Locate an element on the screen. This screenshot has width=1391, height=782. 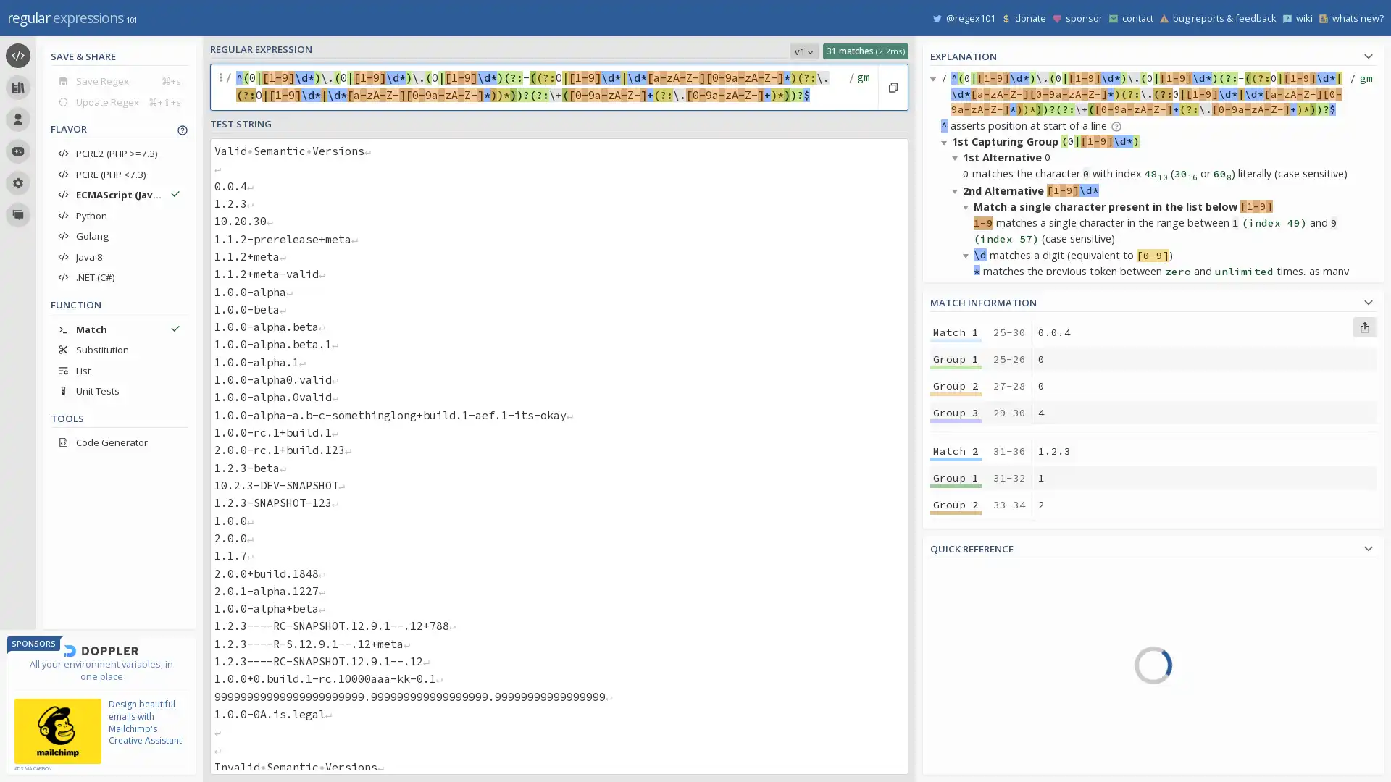
Any whitespace character \s is located at coordinates (1225, 718).